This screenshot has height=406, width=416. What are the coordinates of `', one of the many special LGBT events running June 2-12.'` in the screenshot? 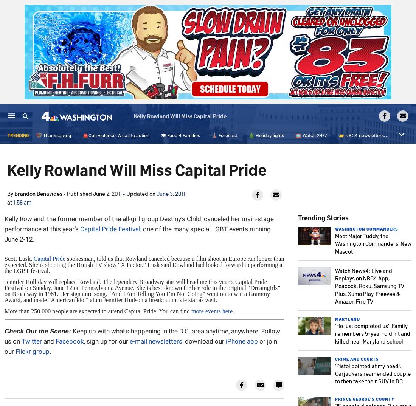 It's located at (4, 234).